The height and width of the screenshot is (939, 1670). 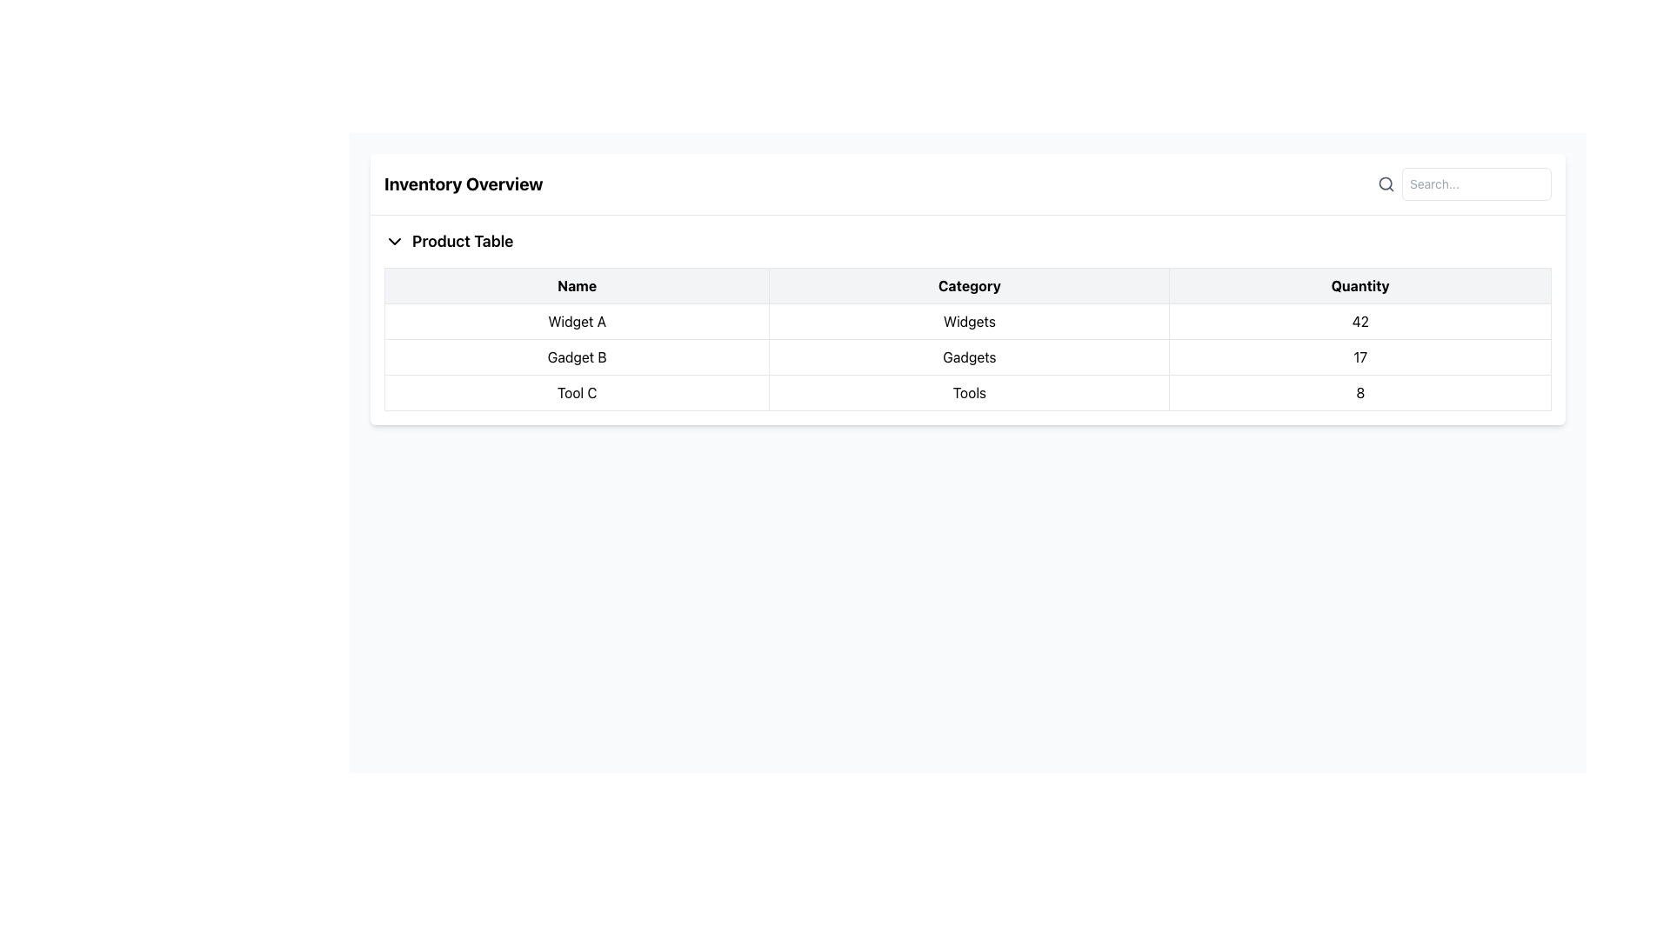 I want to click on the 'Category' text label styled as a table header, which is positioned in the second column of the table, between the 'Name' and 'Quantity' headers, so click(x=968, y=284).